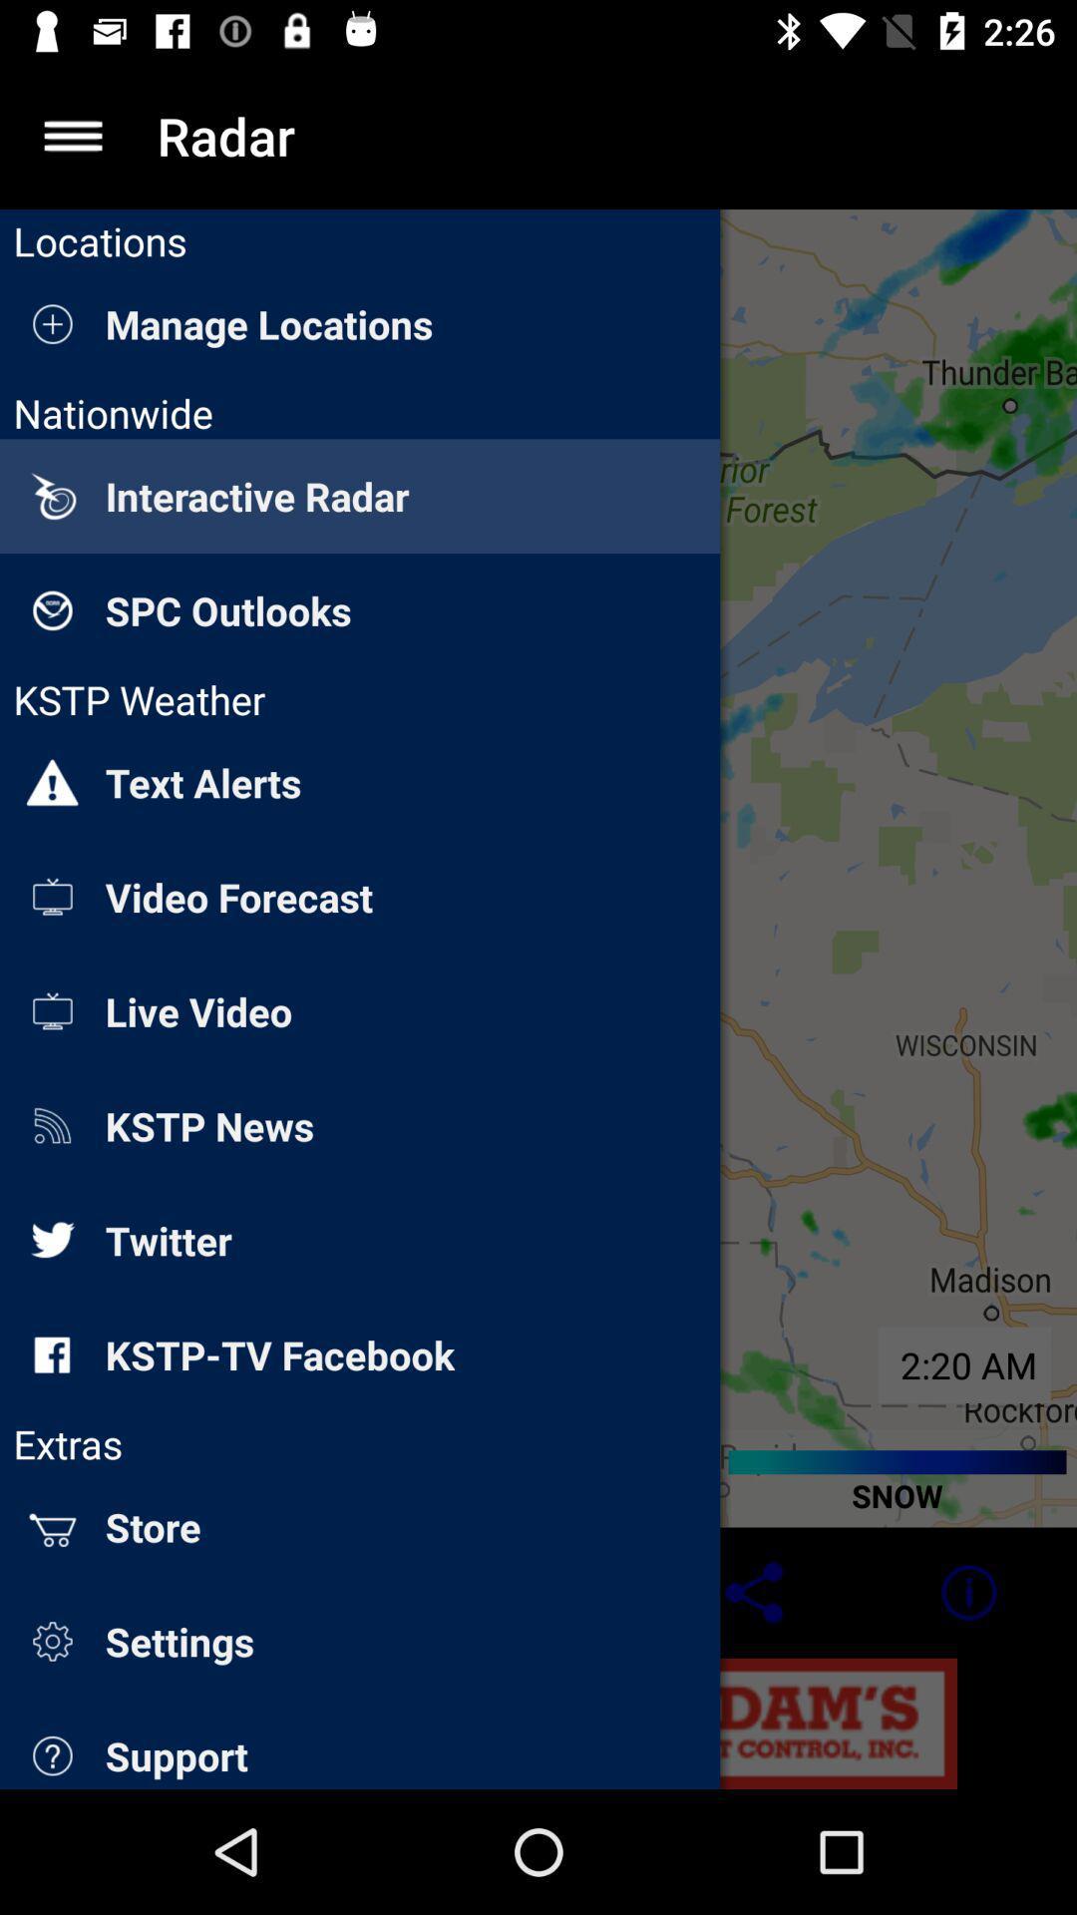  What do you see at coordinates (72, 135) in the screenshot?
I see `the menu icon` at bounding box center [72, 135].